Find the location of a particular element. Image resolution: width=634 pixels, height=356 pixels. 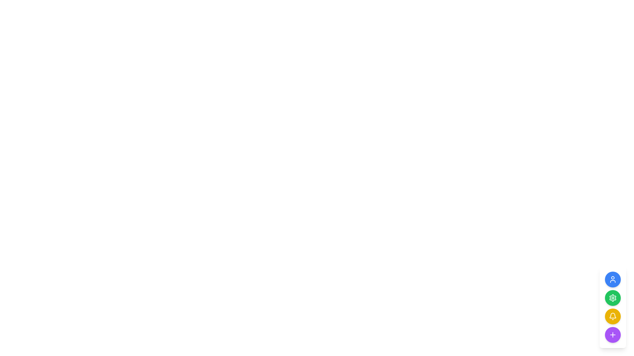

the user profile button located in the lower right section of the user interface is located at coordinates (613, 280).